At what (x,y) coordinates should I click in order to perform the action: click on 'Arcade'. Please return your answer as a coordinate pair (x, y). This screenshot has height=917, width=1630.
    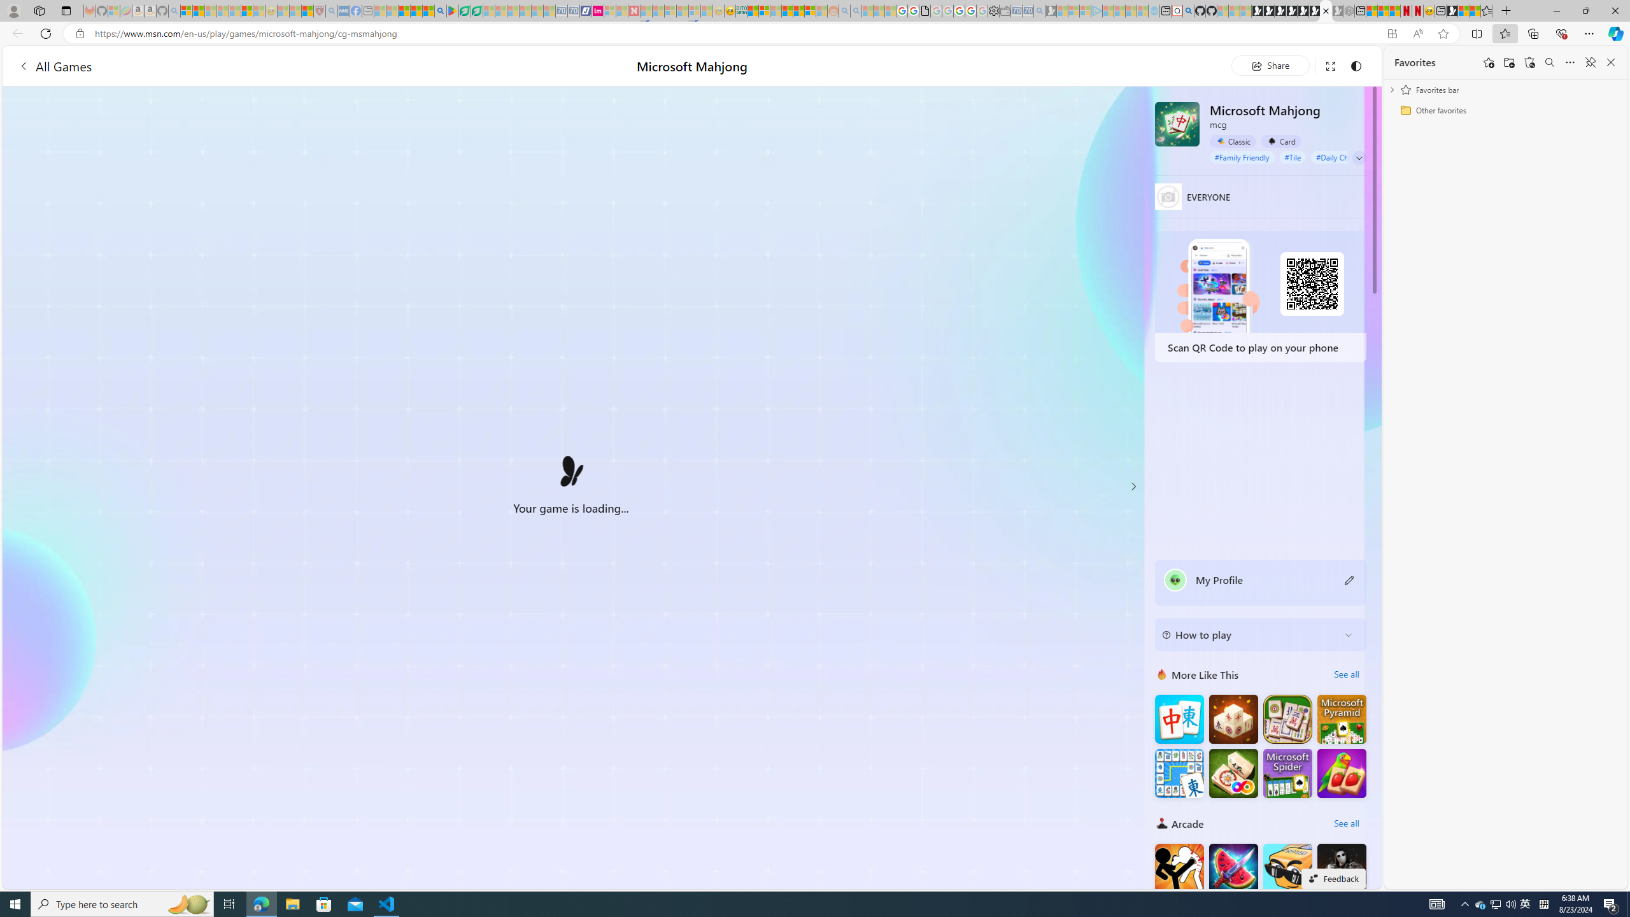
    Looking at the image, I should click on (1162, 823).